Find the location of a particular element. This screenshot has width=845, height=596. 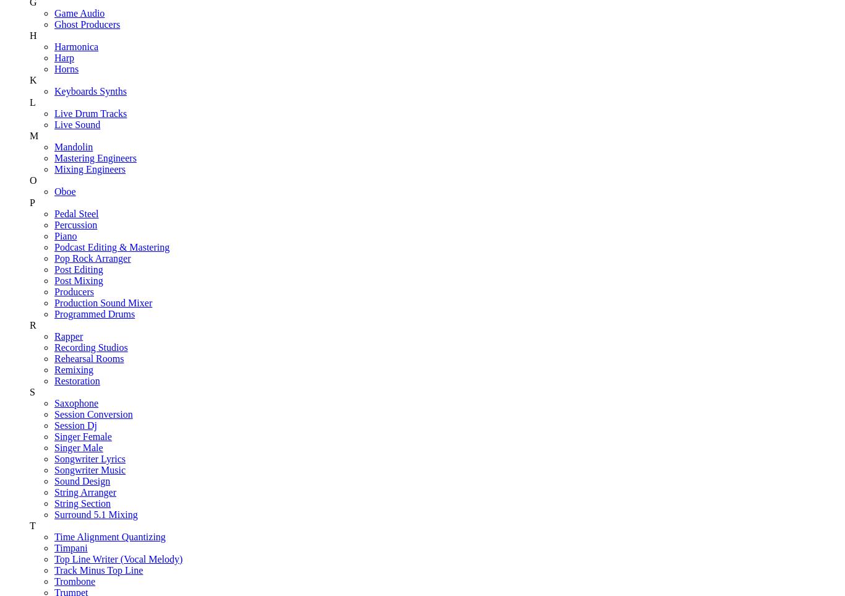

'T' is located at coordinates (32, 525).